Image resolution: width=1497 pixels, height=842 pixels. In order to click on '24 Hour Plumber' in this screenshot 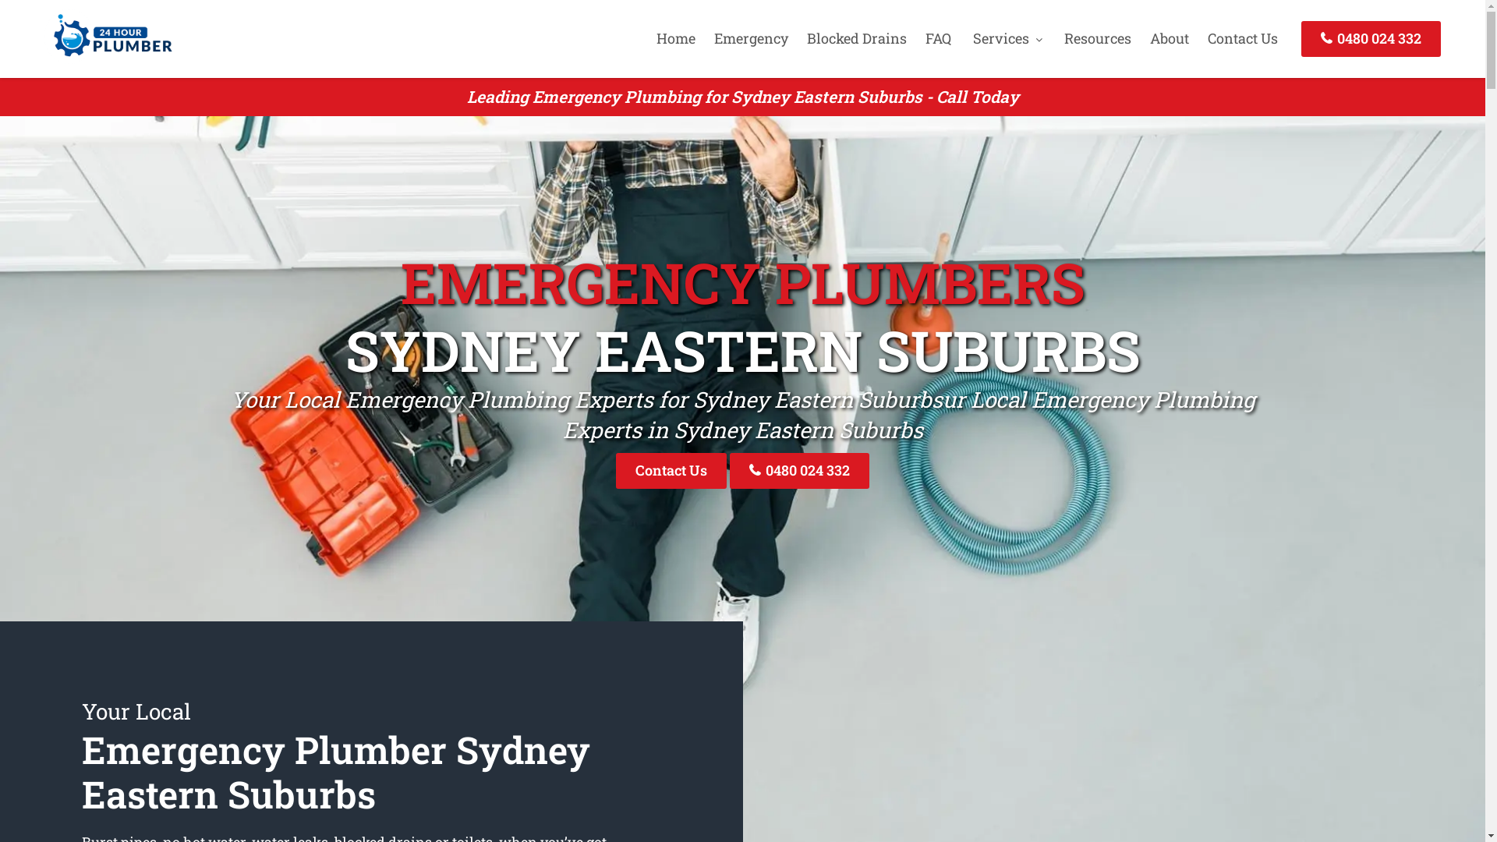, I will do `click(44, 57)`.